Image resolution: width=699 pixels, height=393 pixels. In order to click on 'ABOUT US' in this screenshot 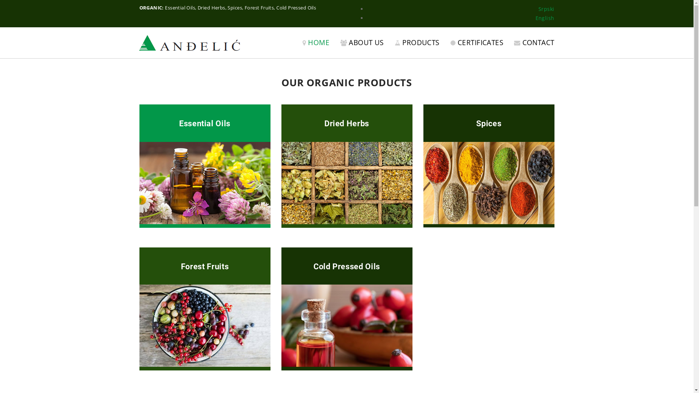, I will do `click(362, 43)`.